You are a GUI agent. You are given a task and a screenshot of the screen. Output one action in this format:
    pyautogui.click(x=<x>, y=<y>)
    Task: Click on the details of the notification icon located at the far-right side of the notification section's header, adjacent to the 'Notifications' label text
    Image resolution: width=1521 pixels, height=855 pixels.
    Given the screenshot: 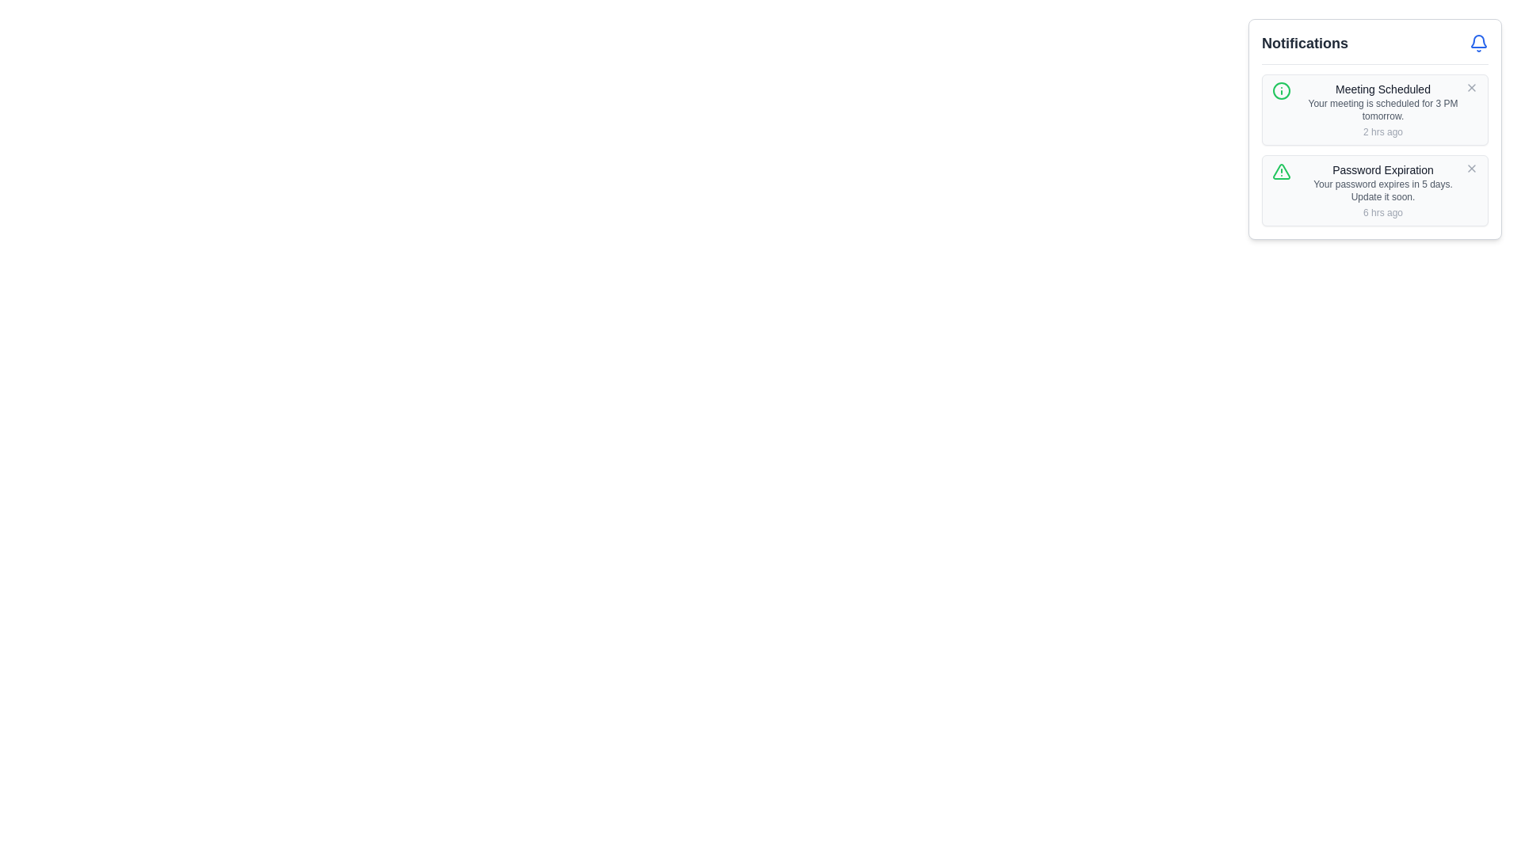 What is the action you would take?
    pyautogui.click(x=1478, y=42)
    